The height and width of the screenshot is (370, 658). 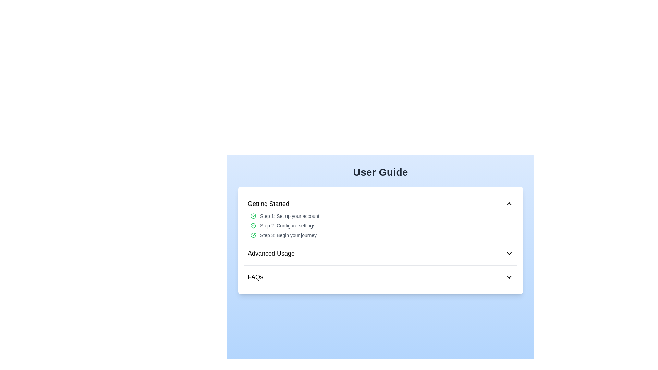 I want to click on the Text label that serves as a title or label for a section of the user guide, positioned under the 'Getting Started' heading and above the 'FAQs' section, so click(x=271, y=254).